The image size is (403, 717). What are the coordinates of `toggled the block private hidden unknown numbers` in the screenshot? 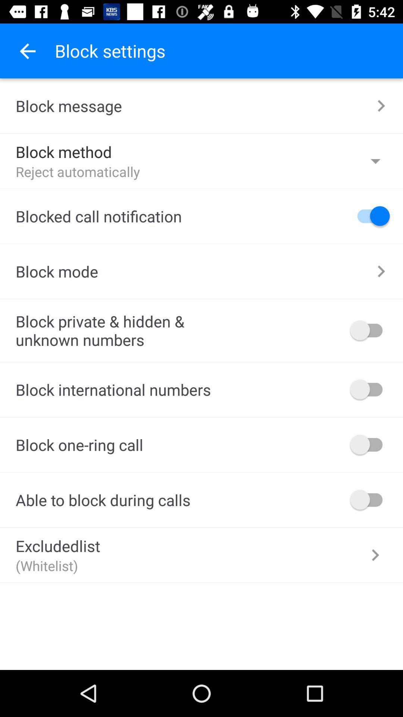 It's located at (370, 330).